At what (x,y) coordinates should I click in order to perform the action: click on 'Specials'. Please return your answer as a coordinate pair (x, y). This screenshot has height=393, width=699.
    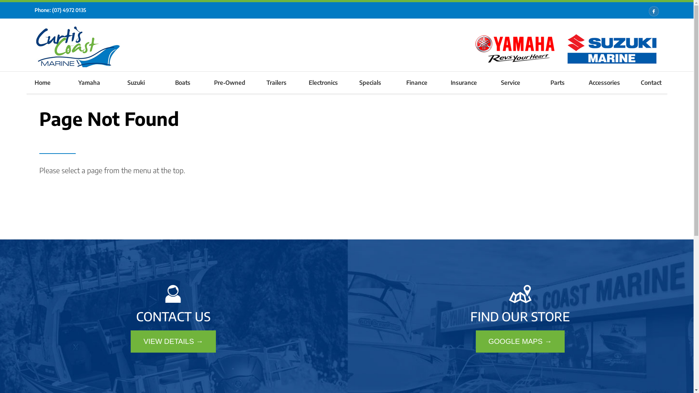
    Looking at the image, I should click on (346, 82).